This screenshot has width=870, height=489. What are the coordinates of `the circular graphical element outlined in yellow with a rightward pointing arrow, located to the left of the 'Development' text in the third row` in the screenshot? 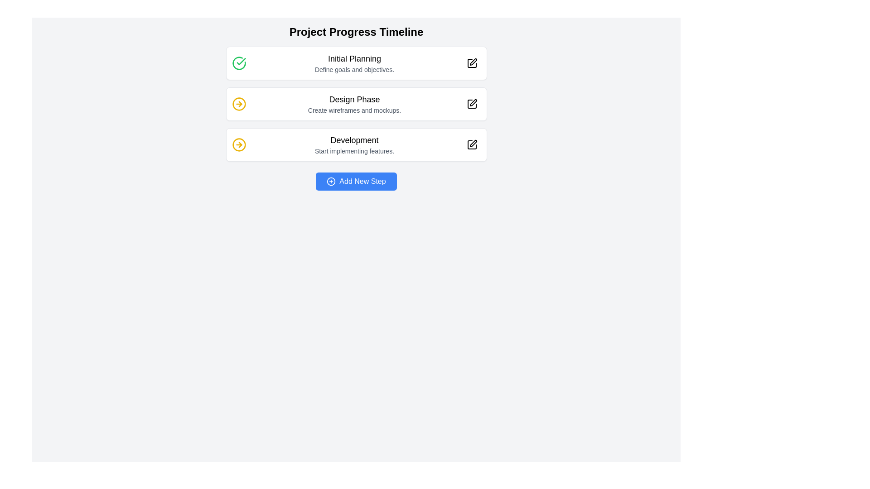 It's located at (239, 144).